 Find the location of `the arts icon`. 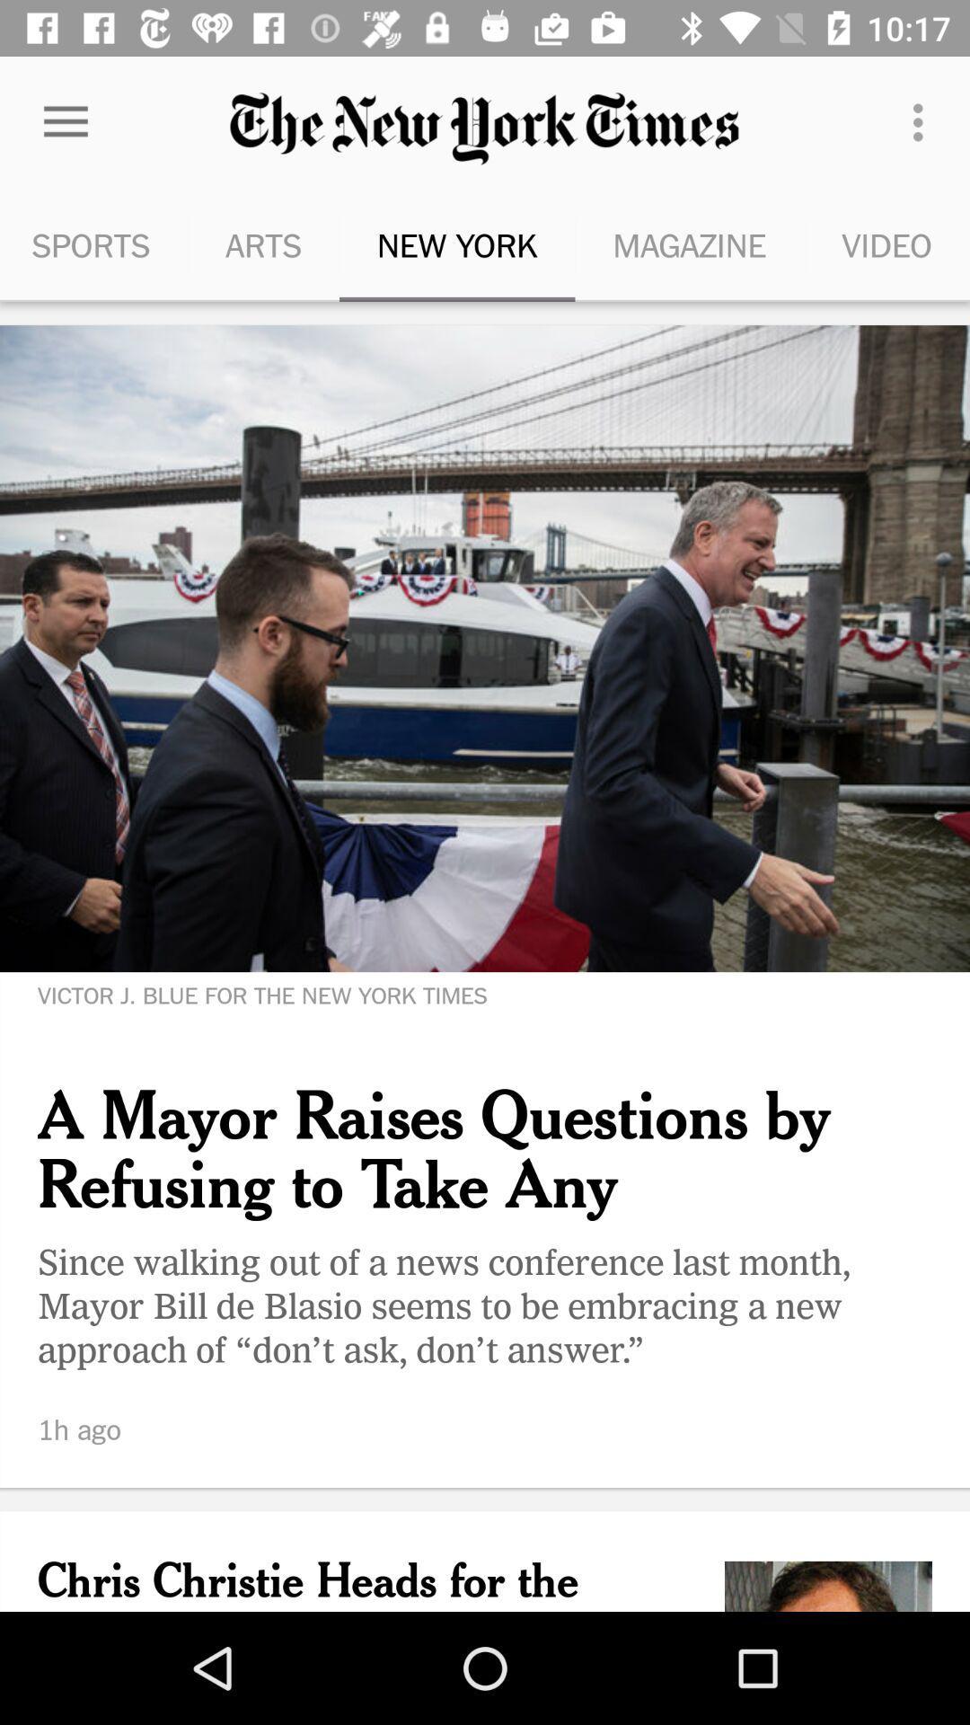

the arts icon is located at coordinates (263, 244).